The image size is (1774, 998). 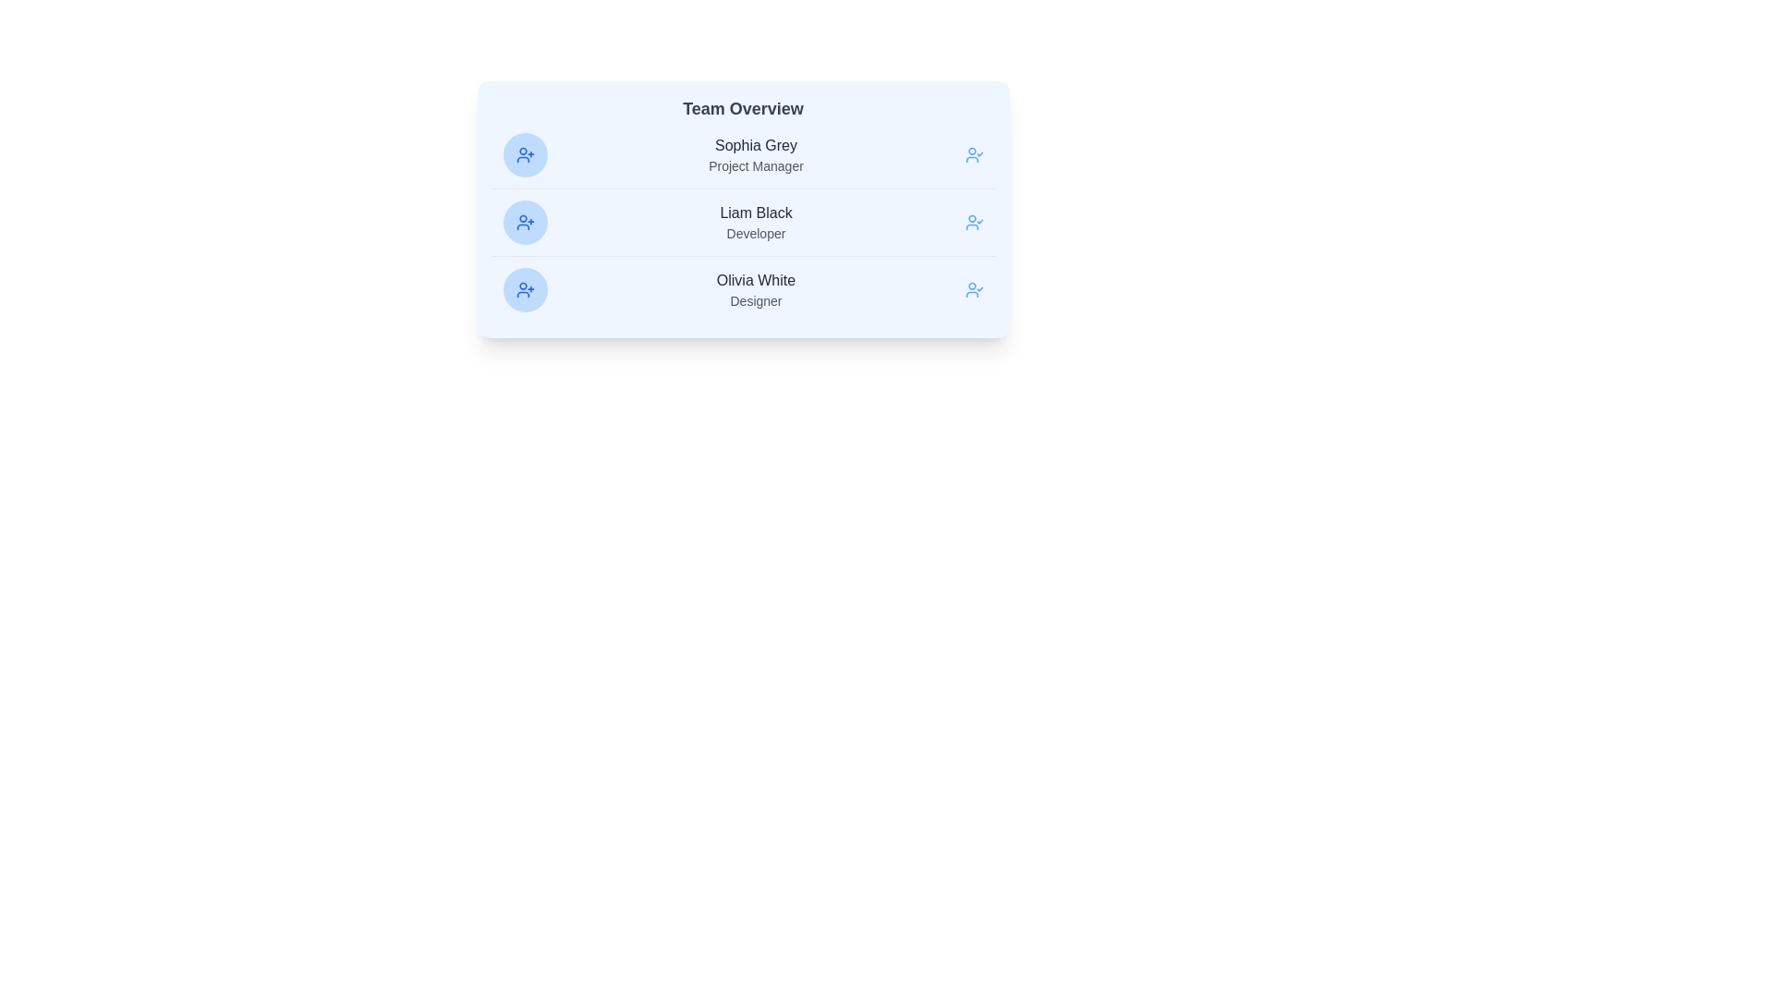 What do you see at coordinates (756, 233) in the screenshot?
I see `the text label reading 'Developer' located beneath 'Liam Black' in the middle card of the vertical list of team members` at bounding box center [756, 233].